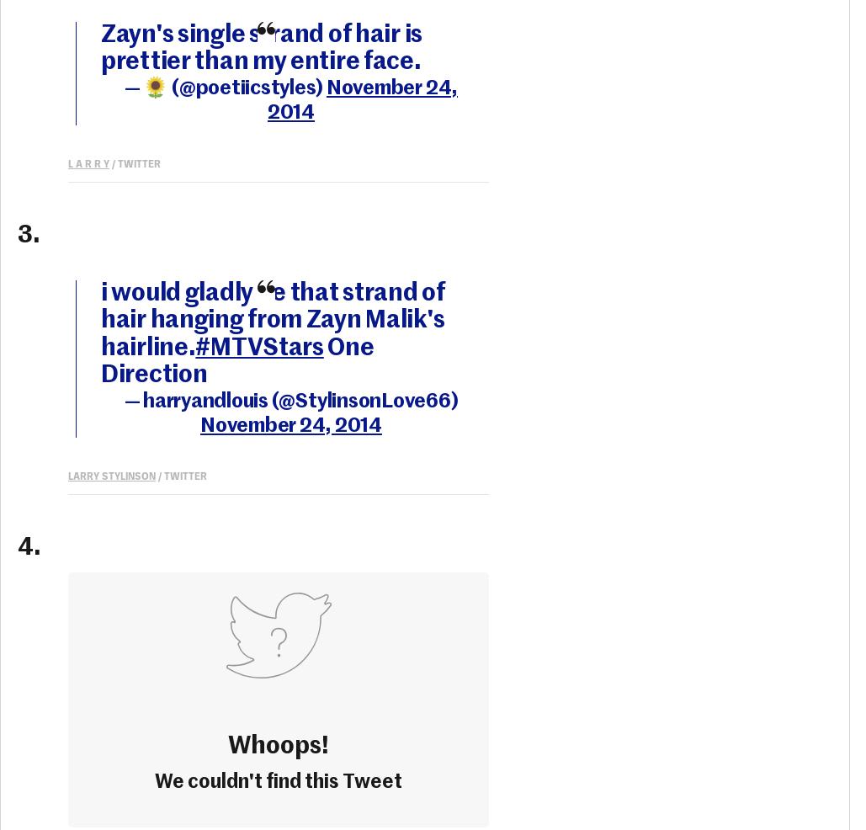  What do you see at coordinates (17, 547) in the screenshot?
I see `'4.'` at bounding box center [17, 547].